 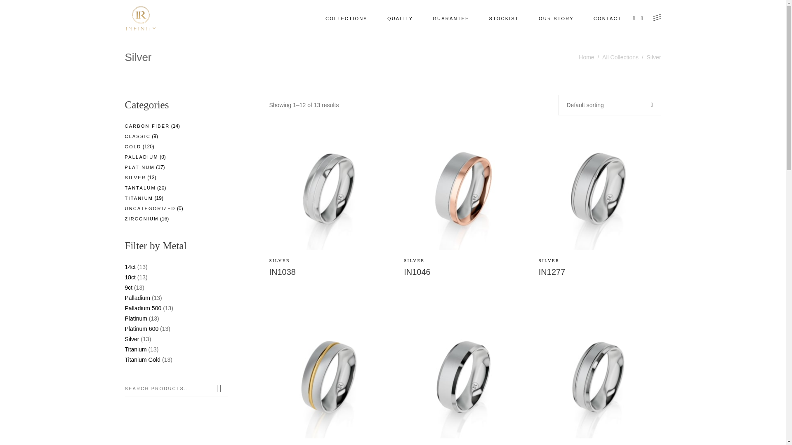 What do you see at coordinates (136, 318) in the screenshot?
I see `'Platinum'` at bounding box center [136, 318].